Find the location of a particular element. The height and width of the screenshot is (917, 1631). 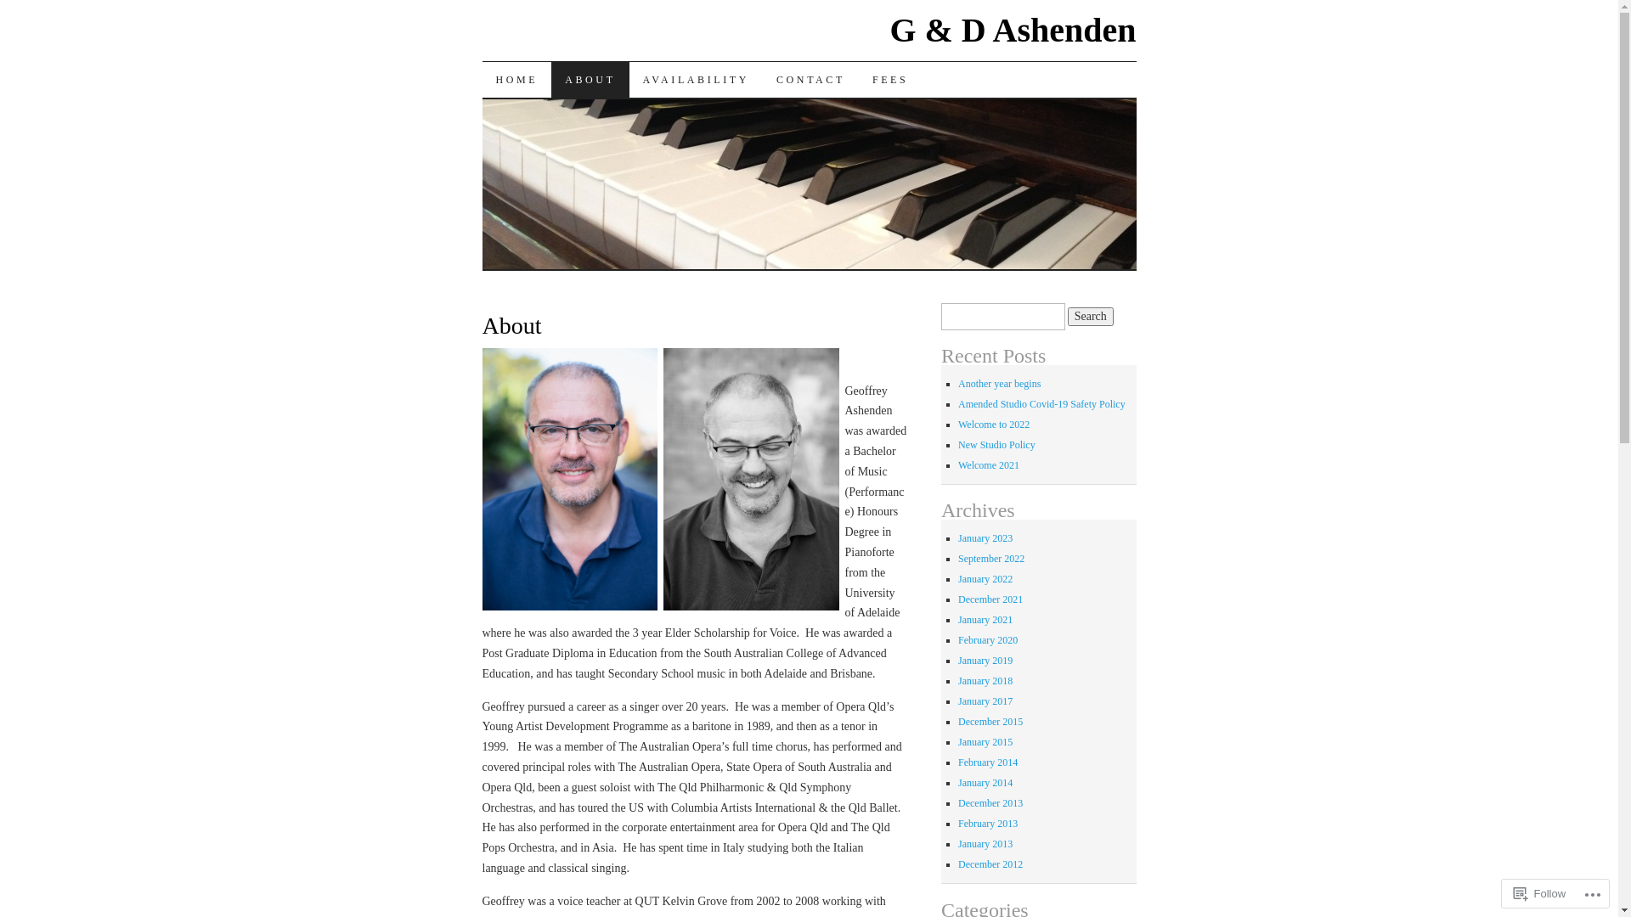

'G & D Ashenden' is located at coordinates (1012, 30).